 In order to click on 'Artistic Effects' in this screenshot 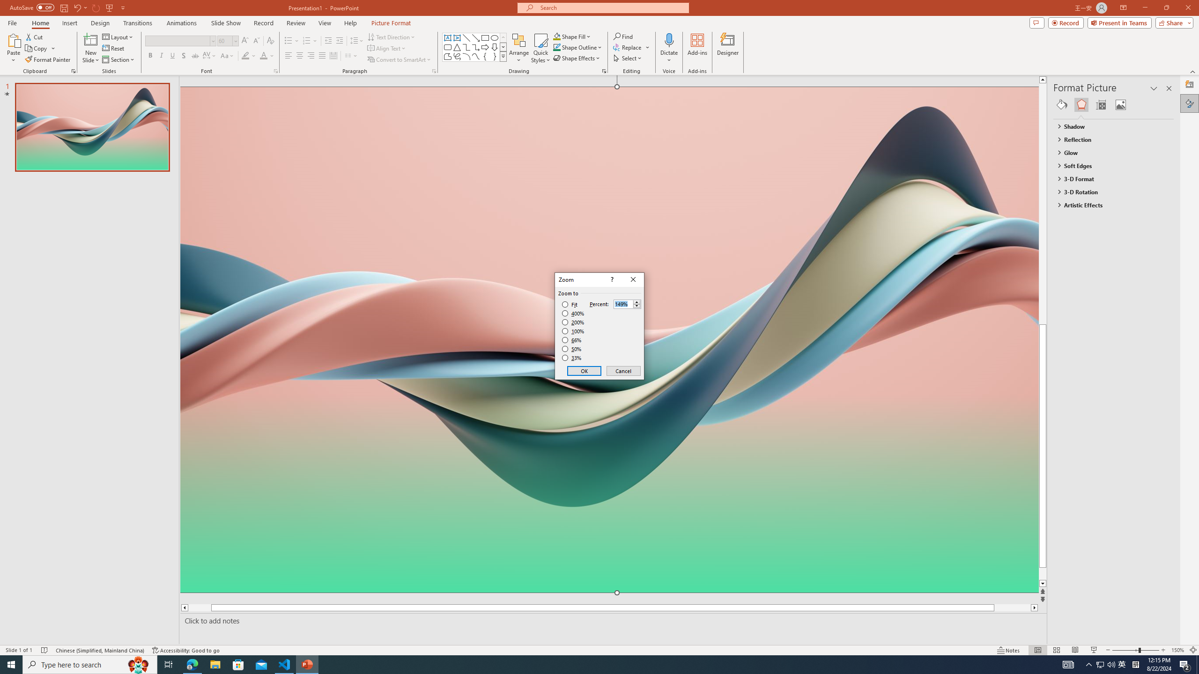, I will do `click(1109, 204)`.